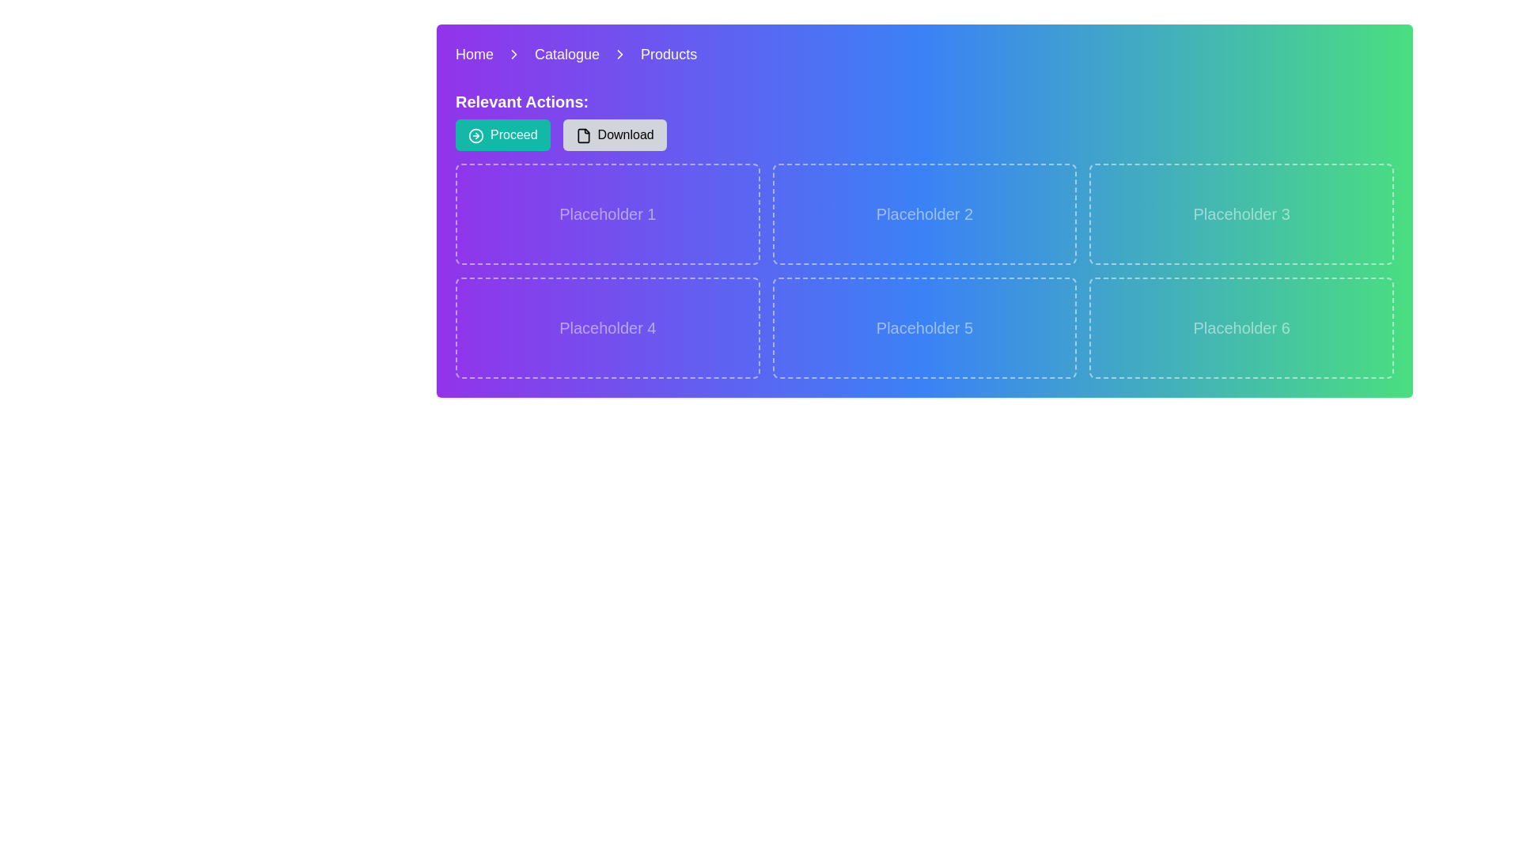 The height and width of the screenshot is (854, 1519). Describe the element at coordinates (582, 134) in the screenshot. I see `the file icon symbolizing a file or document, located between the 'Proceed' and 'Download' buttons` at that location.